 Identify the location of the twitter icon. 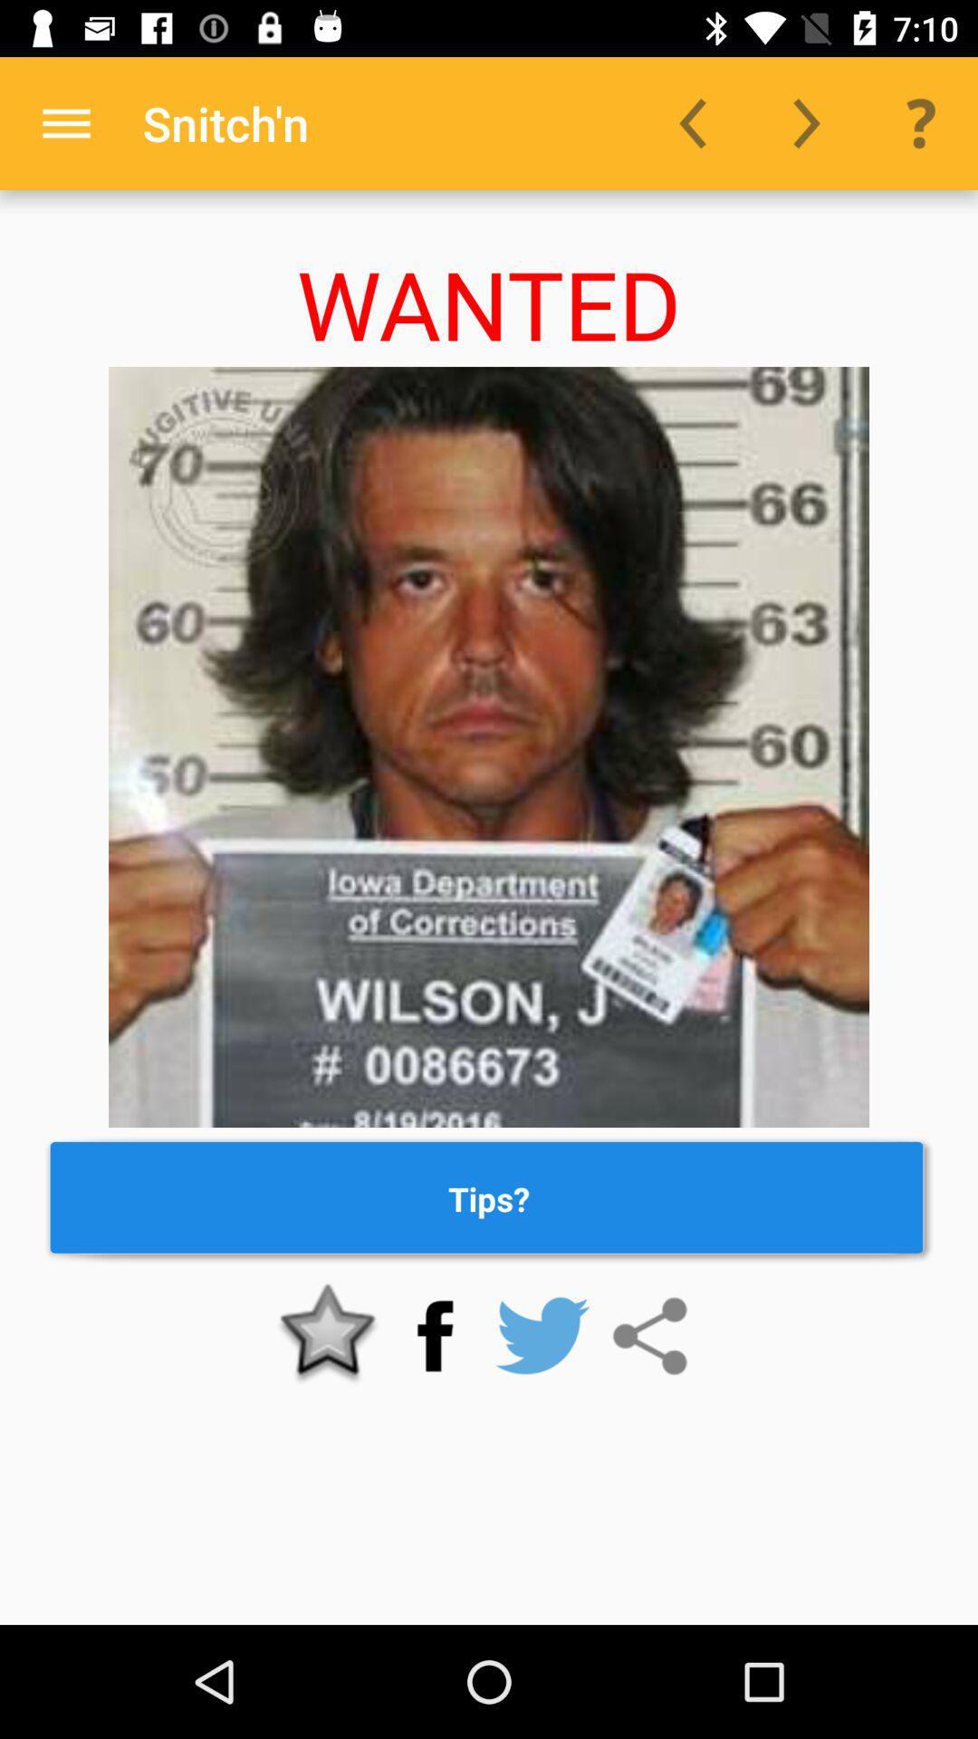
(542, 1336).